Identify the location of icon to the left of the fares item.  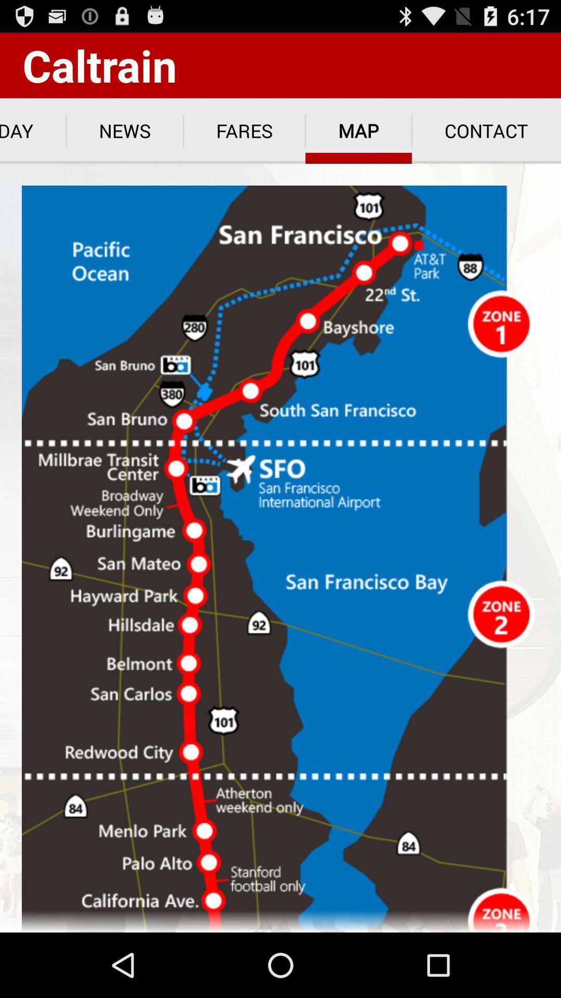
(124, 130).